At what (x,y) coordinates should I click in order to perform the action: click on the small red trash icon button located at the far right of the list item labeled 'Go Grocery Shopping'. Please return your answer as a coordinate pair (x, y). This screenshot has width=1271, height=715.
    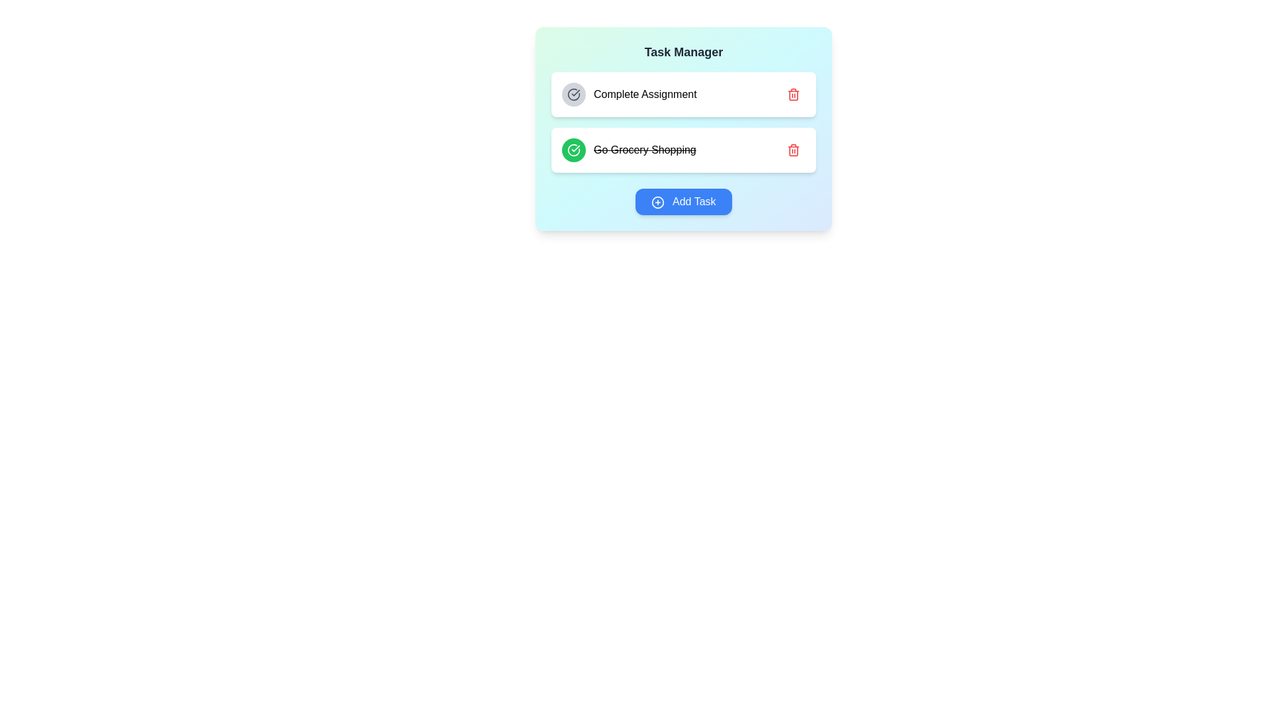
    Looking at the image, I should click on (794, 150).